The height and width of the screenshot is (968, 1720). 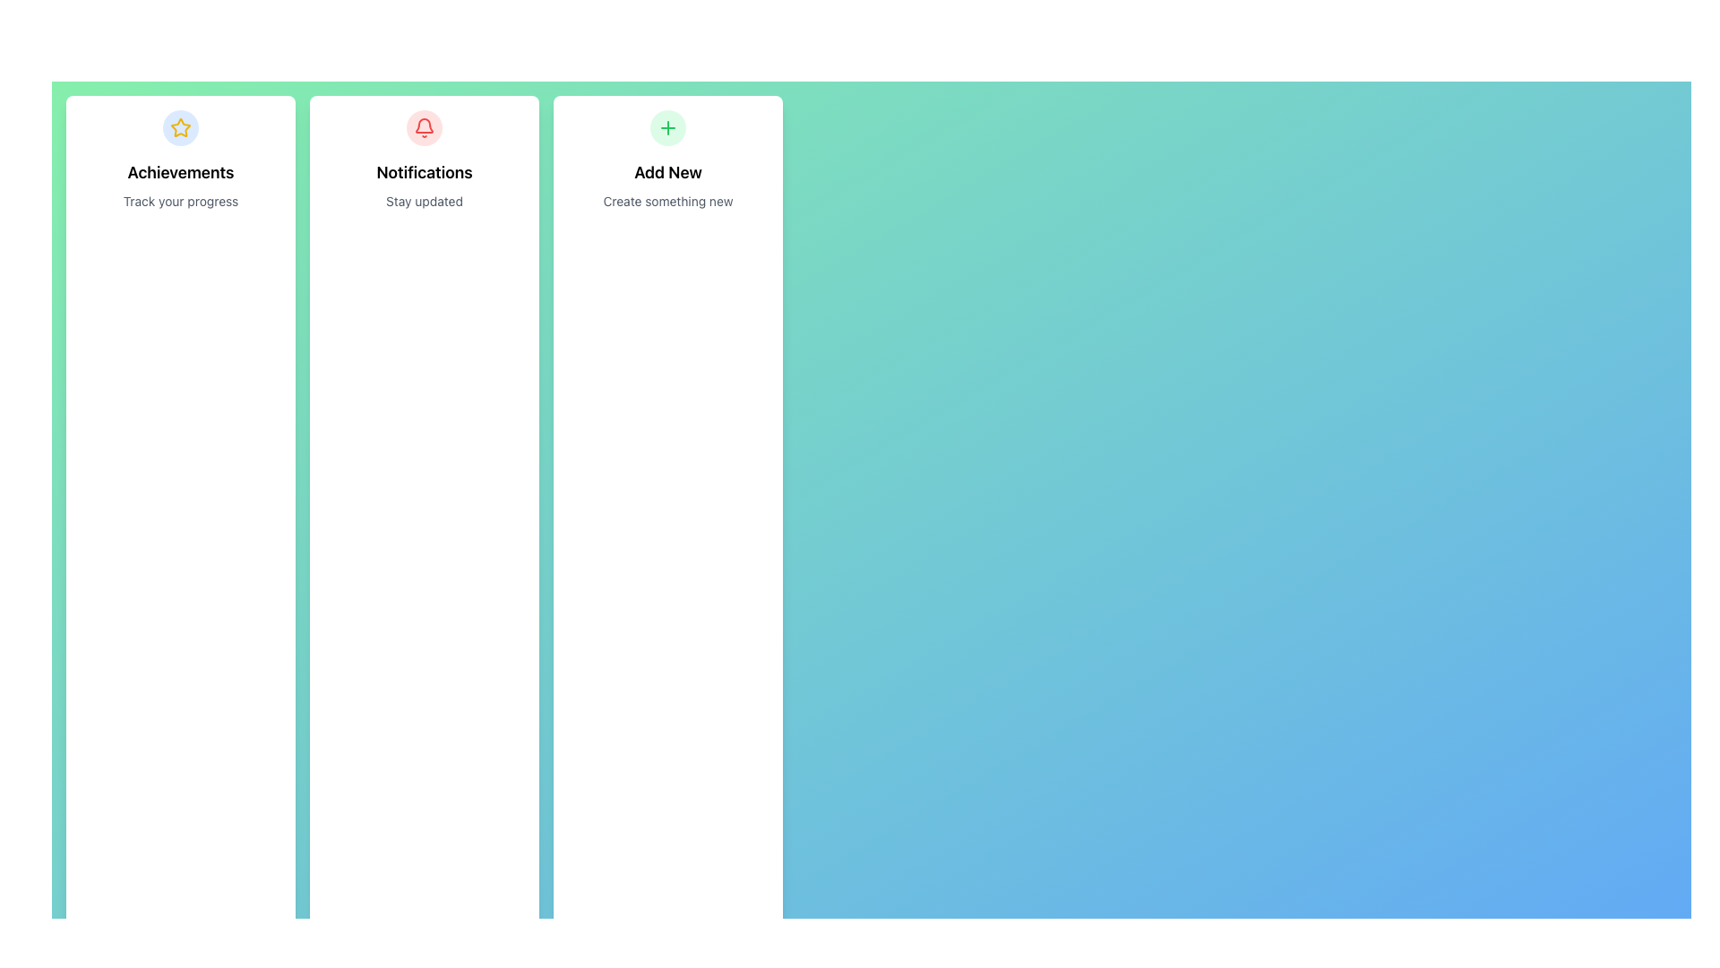 I want to click on the plus icon with a green border located in the 'Add New' section, which is vertically centered within a circular area, so click(x=666, y=126).